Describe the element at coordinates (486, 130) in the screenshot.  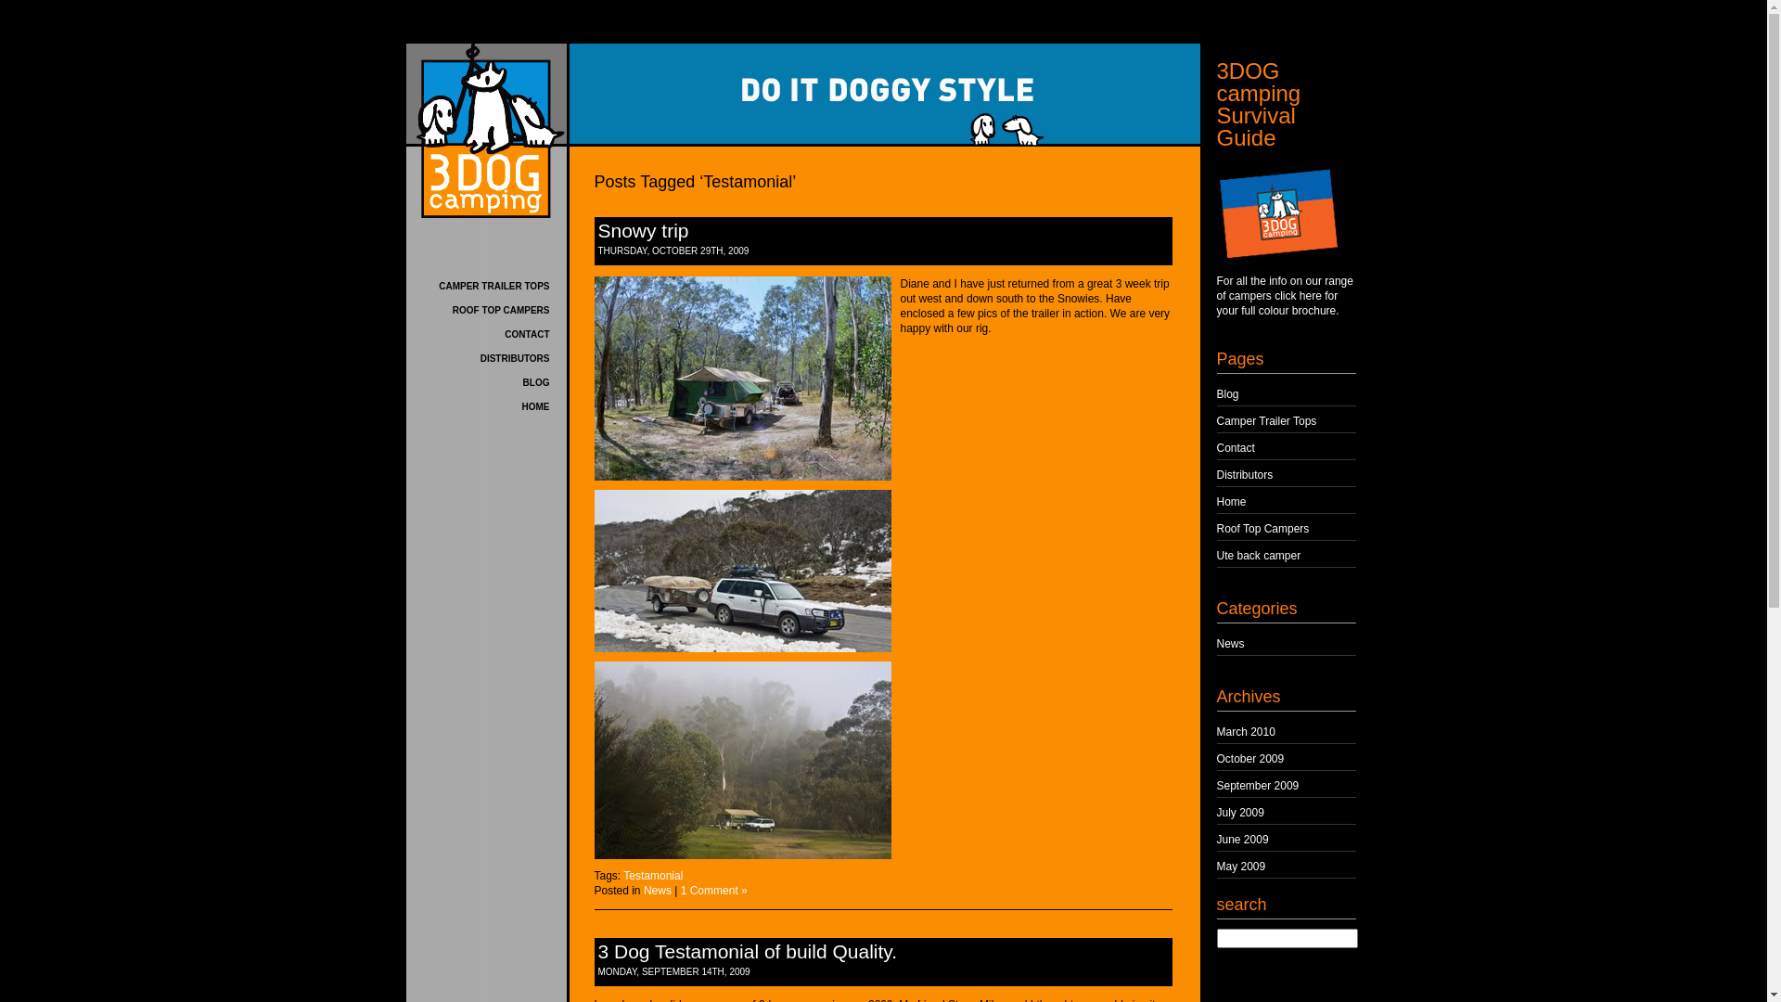
I see `'3 Dog Camping'` at that location.